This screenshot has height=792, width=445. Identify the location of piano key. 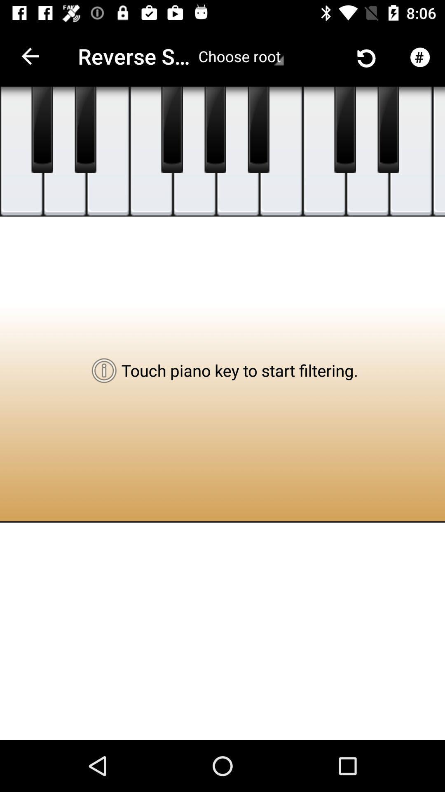
(258, 130).